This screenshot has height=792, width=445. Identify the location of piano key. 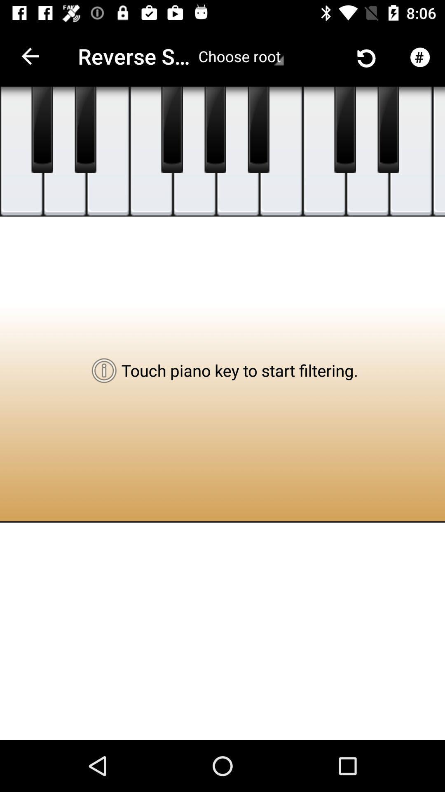
(258, 130).